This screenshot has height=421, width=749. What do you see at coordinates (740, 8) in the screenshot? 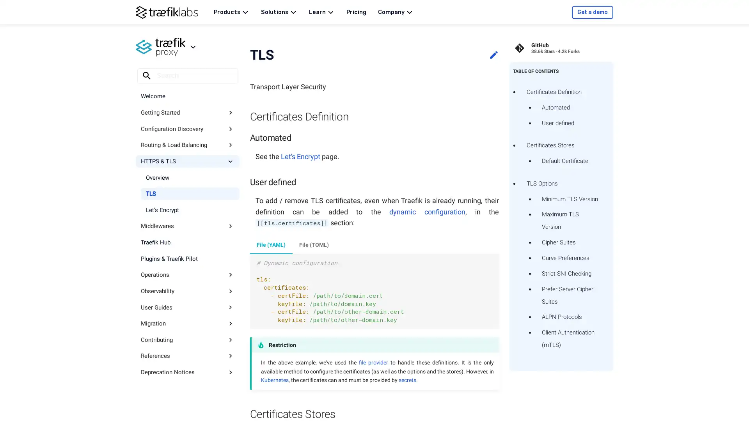
I see `Copy to clipboard` at bounding box center [740, 8].